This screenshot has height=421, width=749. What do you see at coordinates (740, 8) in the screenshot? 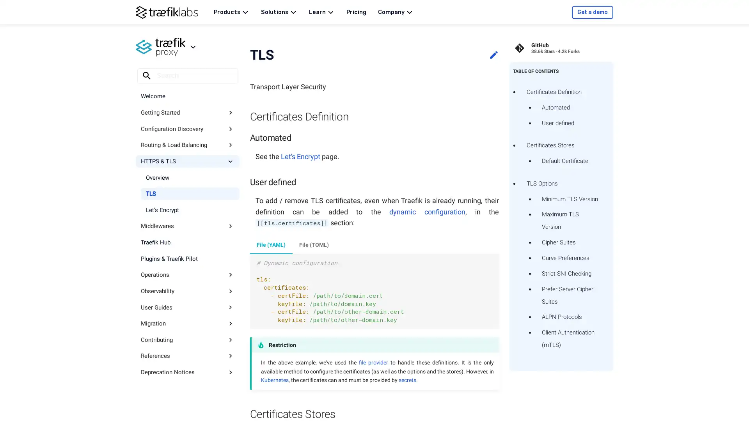
I see `Copy to clipboard` at bounding box center [740, 8].